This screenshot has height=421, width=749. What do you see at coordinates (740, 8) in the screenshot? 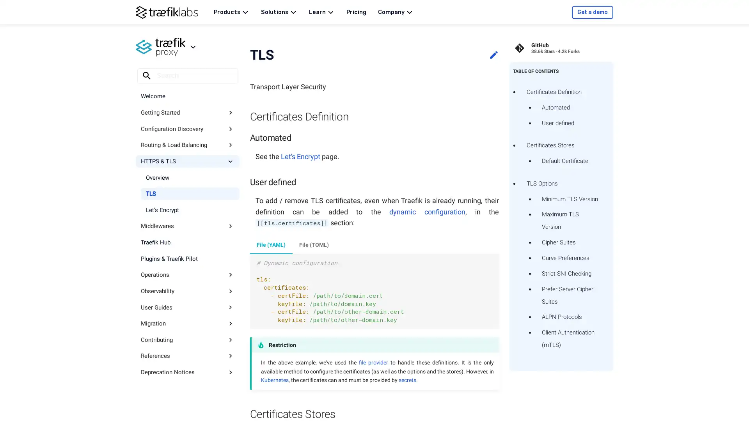
I see `Copy to clipboard` at bounding box center [740, 8].